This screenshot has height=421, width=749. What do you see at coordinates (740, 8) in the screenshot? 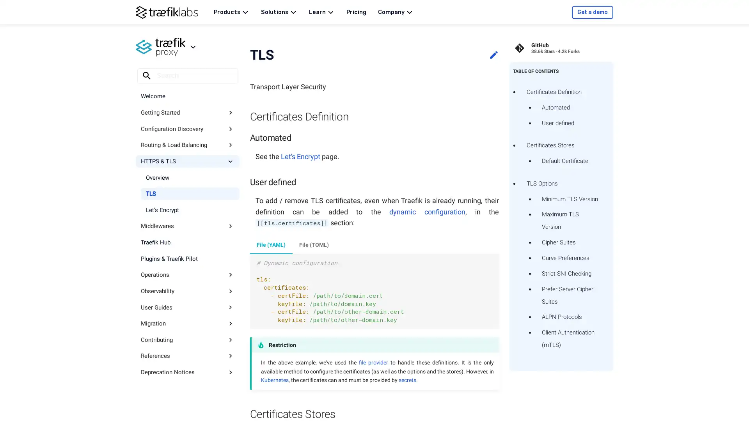
I see `Copy to clipboard` at bounding box center [740, 8].